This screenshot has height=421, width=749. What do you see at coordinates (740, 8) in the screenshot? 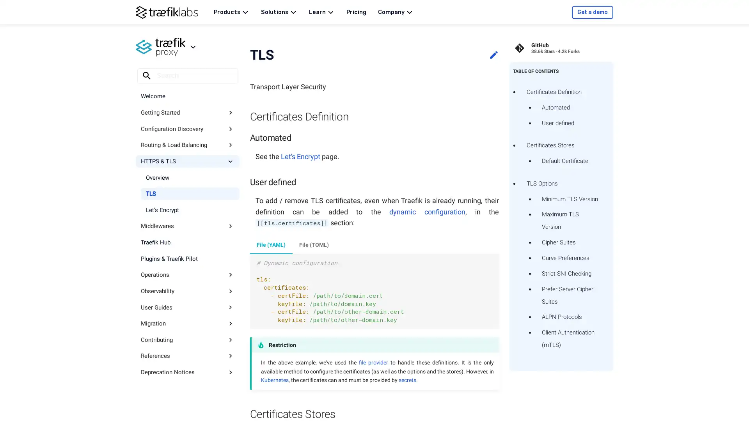
I see `Copy to clipboard` at bounding box center [740, 8].